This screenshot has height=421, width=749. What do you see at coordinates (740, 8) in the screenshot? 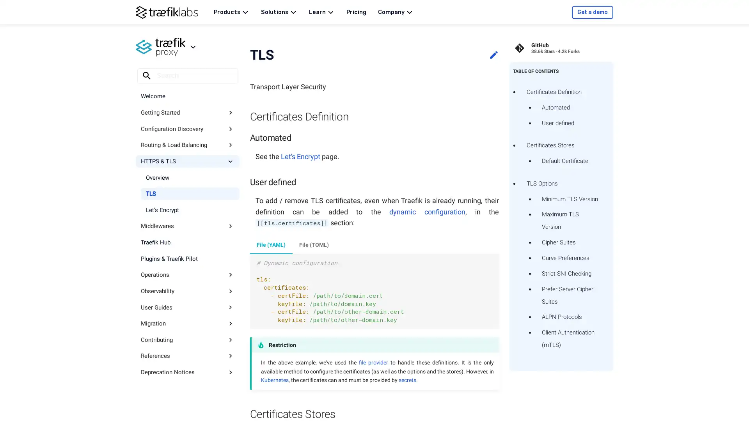
I see `Copy to clipboard` at bounding box center [740, 8].